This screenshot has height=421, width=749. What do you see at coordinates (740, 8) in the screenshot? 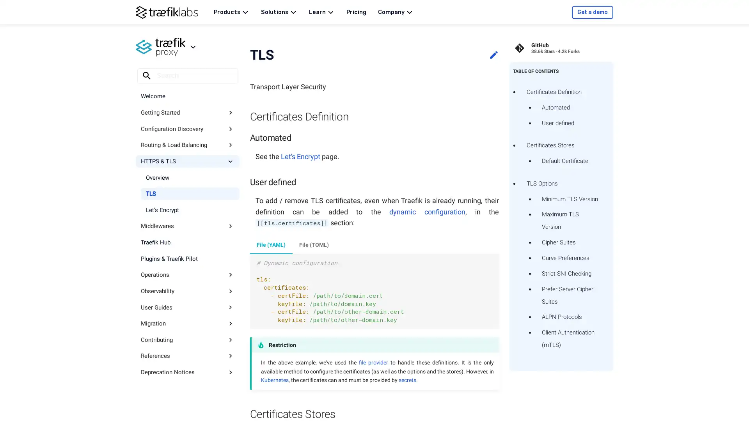
I see `Copy to clipboard` at bounding box center [740, 8].